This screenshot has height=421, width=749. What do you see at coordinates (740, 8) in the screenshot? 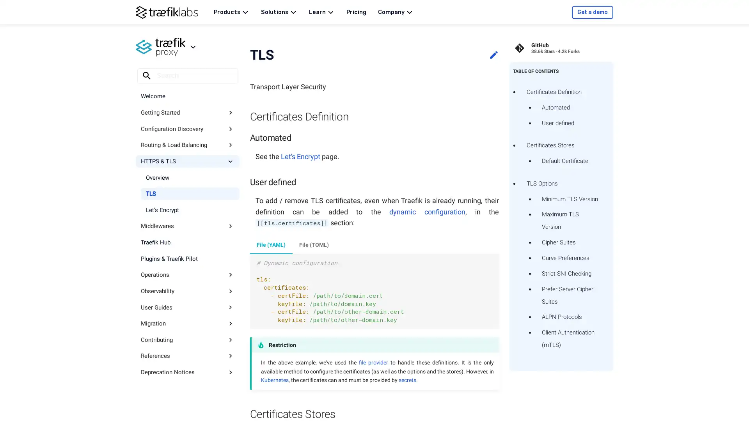
I see `Copy to clipboard` at bounding box center [740, 8].